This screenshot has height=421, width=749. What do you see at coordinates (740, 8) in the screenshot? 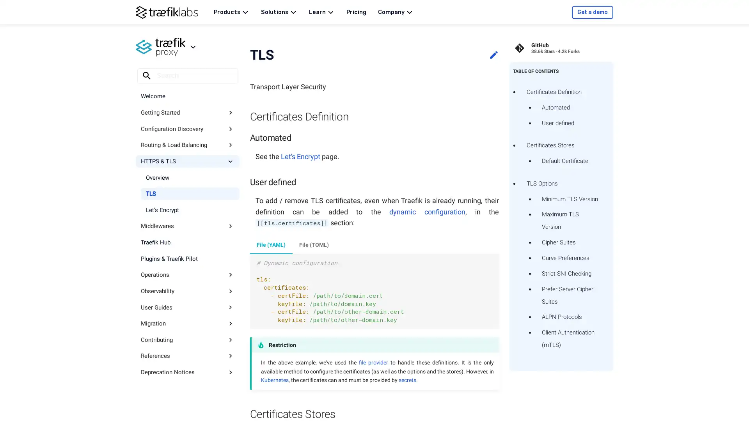
I see `Copy to clipboard` at bounding box center [740, 8].